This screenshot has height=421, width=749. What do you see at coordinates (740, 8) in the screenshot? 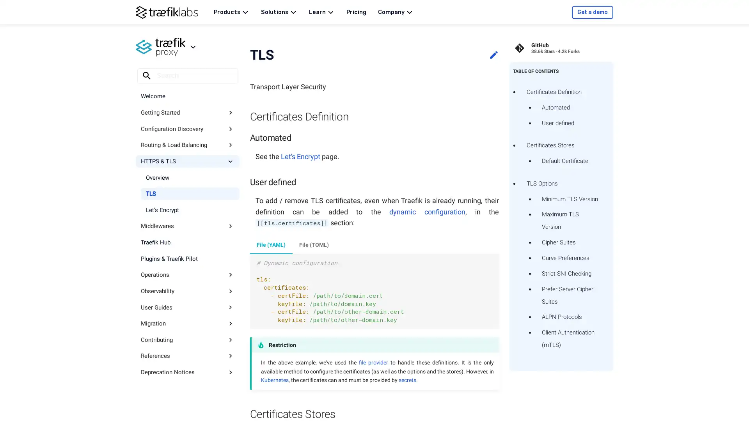
I see `Copy to clipboard` at bounding box center [740, 8].